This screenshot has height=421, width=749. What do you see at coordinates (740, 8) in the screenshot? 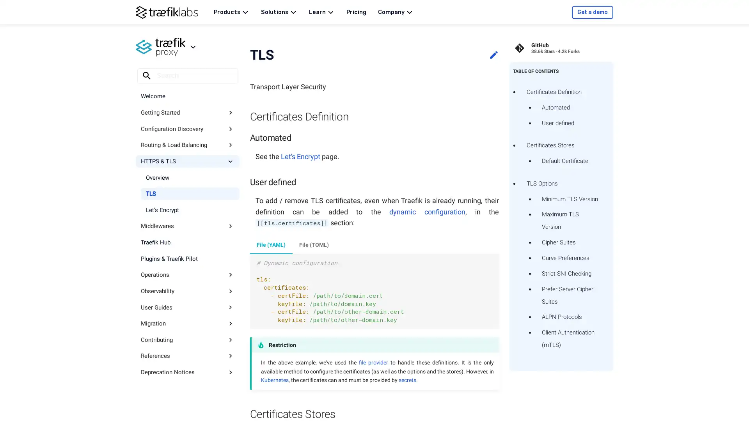
I see `Copy to clipboard` at bounding box center [740, 8].